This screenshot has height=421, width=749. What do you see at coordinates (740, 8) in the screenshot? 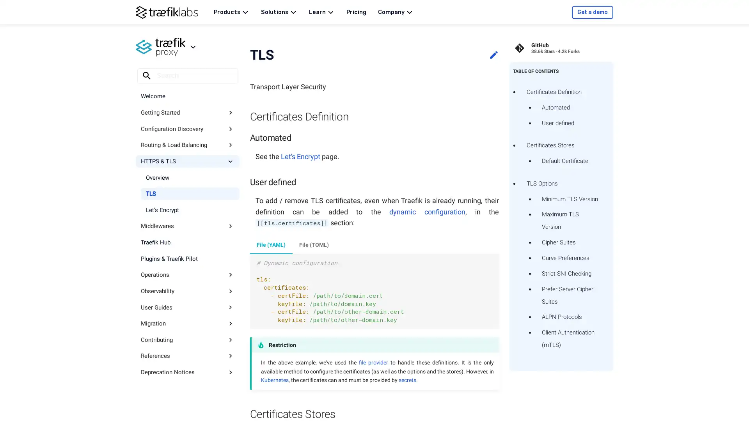
I see `Copy to clipboard` at bounding box center [740, 8].